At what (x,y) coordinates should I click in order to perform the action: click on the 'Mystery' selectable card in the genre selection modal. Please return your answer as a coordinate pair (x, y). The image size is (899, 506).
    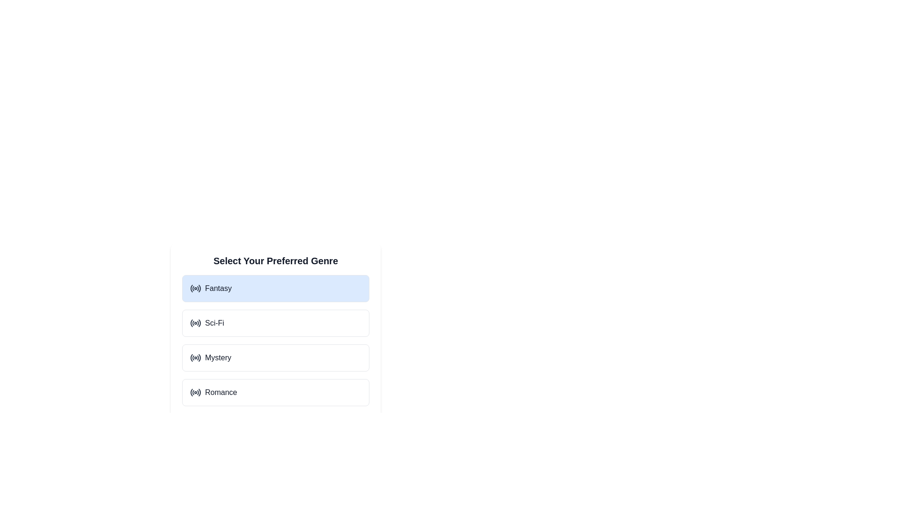
    Looking at the image, I should click on (275, 349).